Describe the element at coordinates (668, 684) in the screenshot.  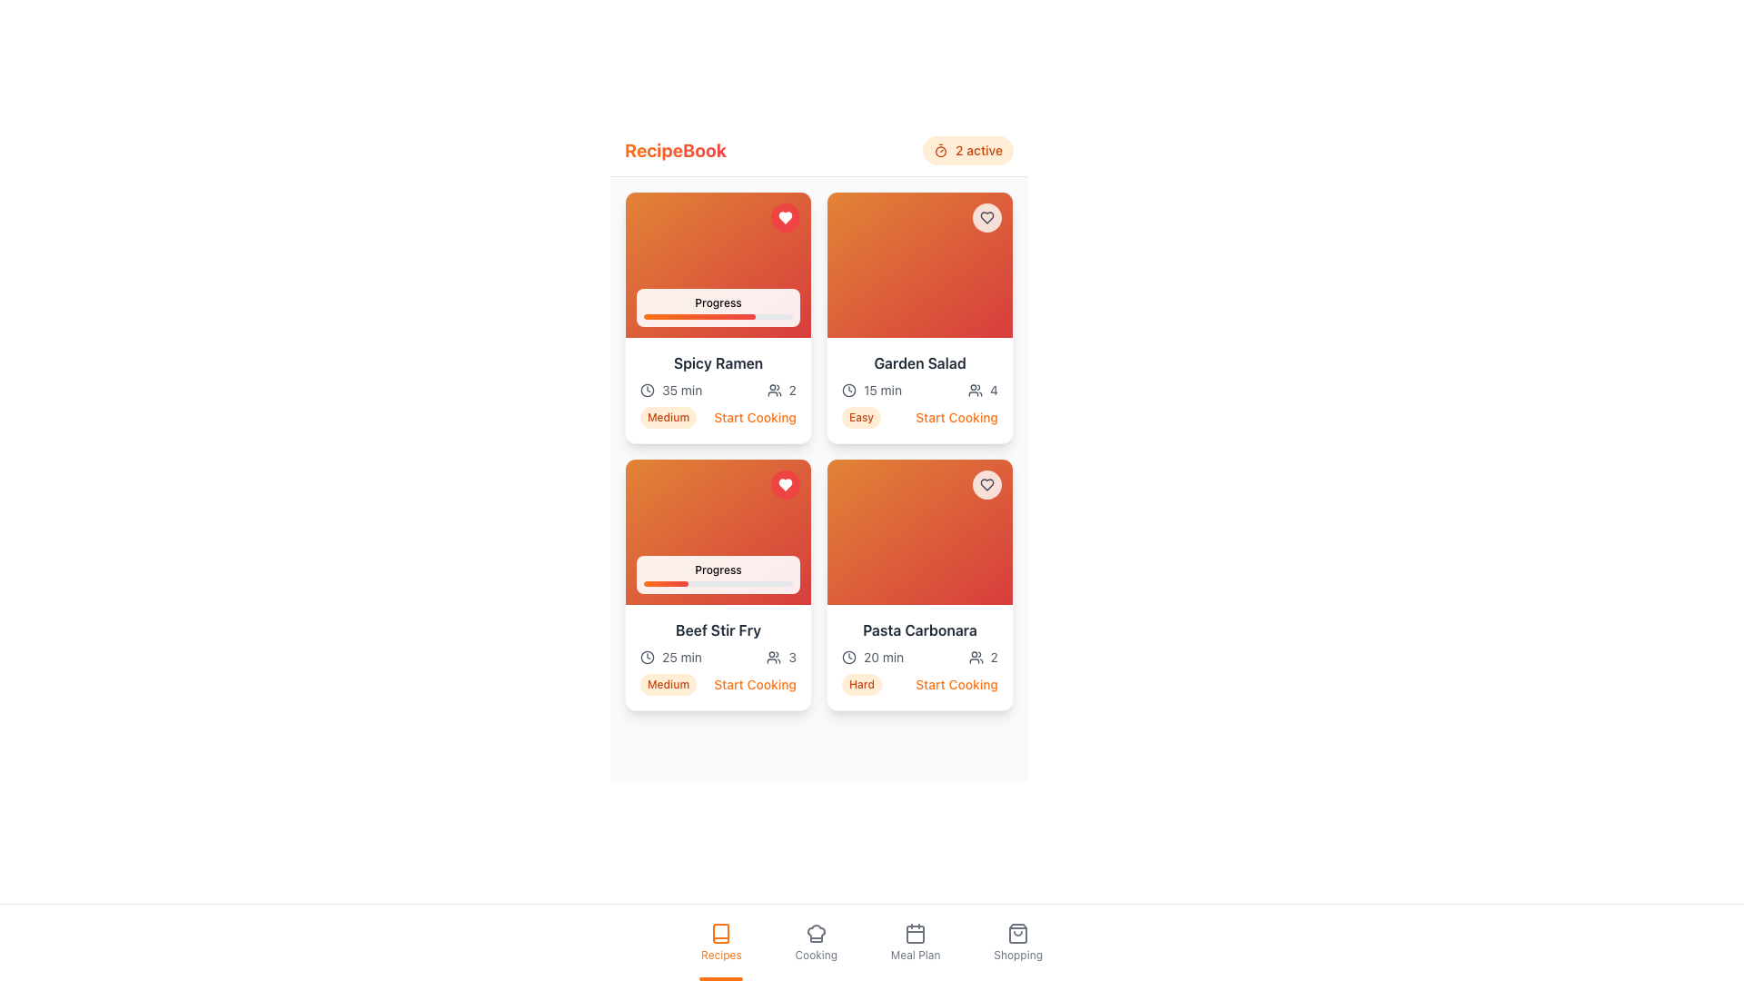
I see `text displayed on the difficulty level badge located at the bottom-left corner of the 'Beef Stir Fry' card, next to the 'Start Cooking' button` at that location.